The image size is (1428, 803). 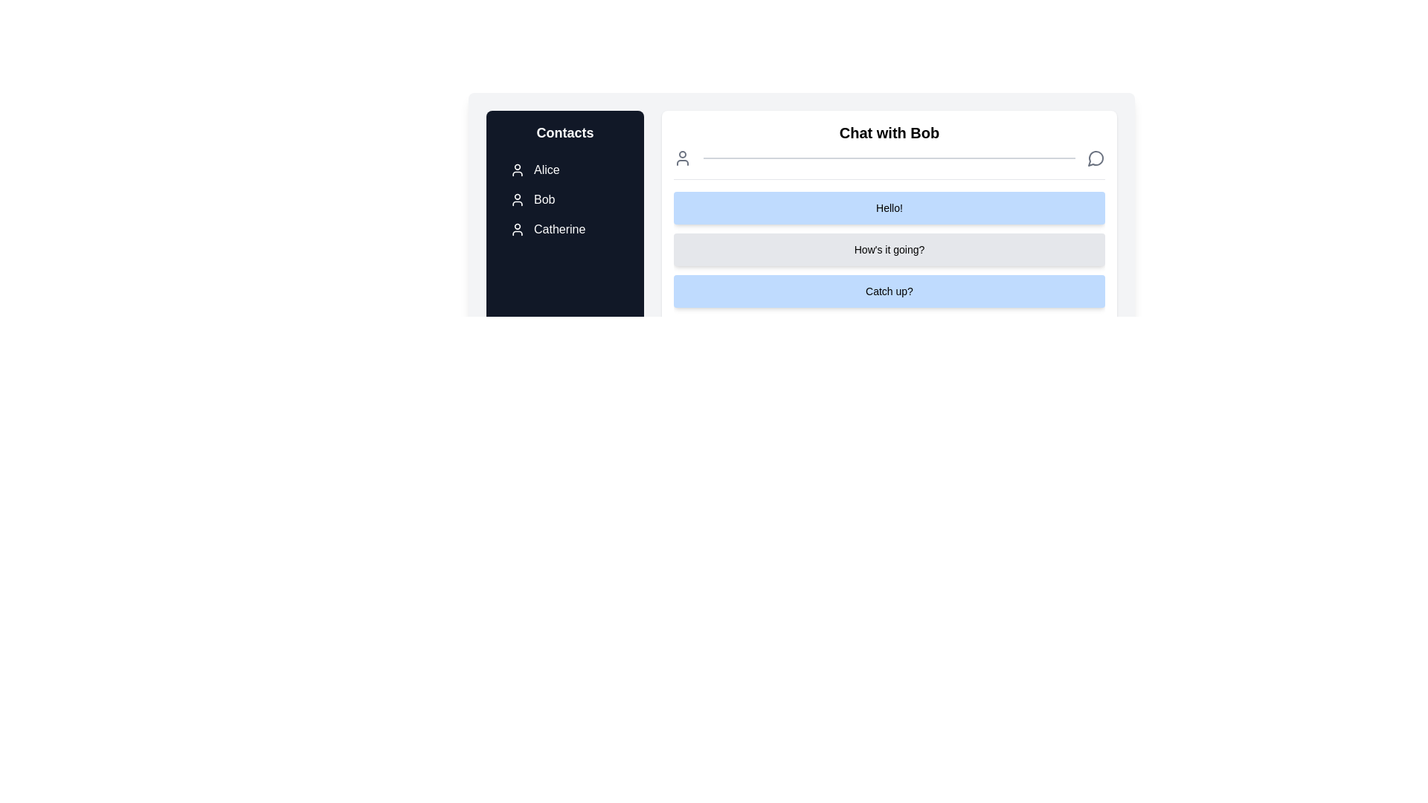 What do you see at coordinates (564, 132) in the screenshot?
I see `text content of the 'Contacts' label, which is a bold, white font on a dark navy-blue background located at the top of the sidebar panel` at bounding box center [564, 132].